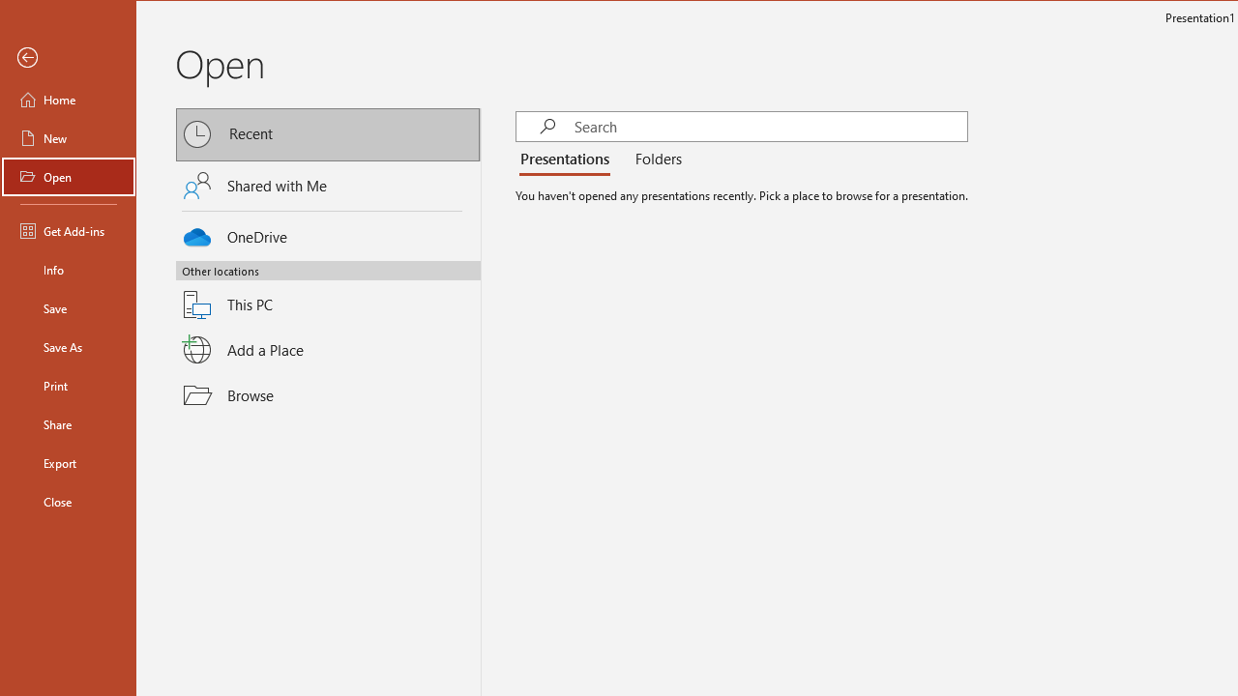 The width and height of the screenshot is (1238, 696). Describe the element at coordinates (328, 185) in the screenshot. I see `'Shared with Me'` at that location.